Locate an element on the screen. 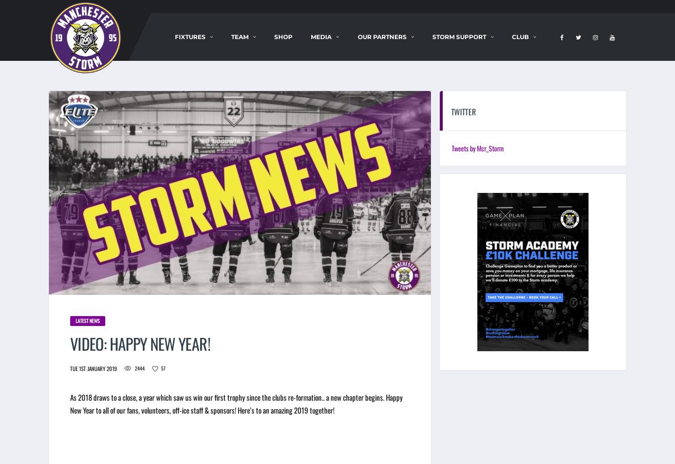 The image size is (675, 464). 'Staff & Hockey Operations' is located at coordinates (284, 54).